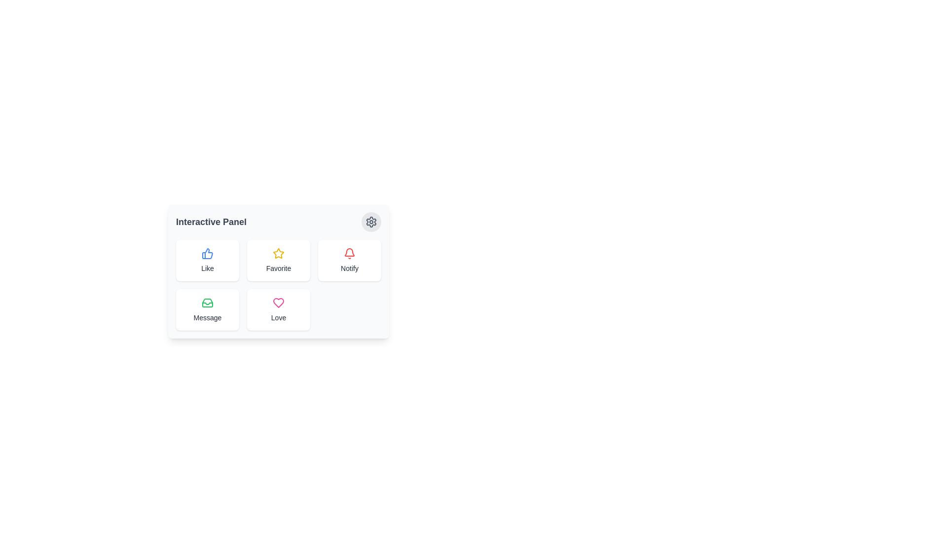 The image size is (947, 533). I want to click on the 'Favorite' button located in the second card of the first row, which features a yellow outlined star icon and a gray text label, so click(278, 260).